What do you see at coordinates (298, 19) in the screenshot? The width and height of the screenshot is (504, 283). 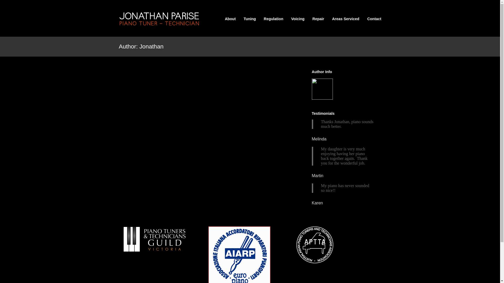 I see `'Voicing'` at bounding box center [298, 19].